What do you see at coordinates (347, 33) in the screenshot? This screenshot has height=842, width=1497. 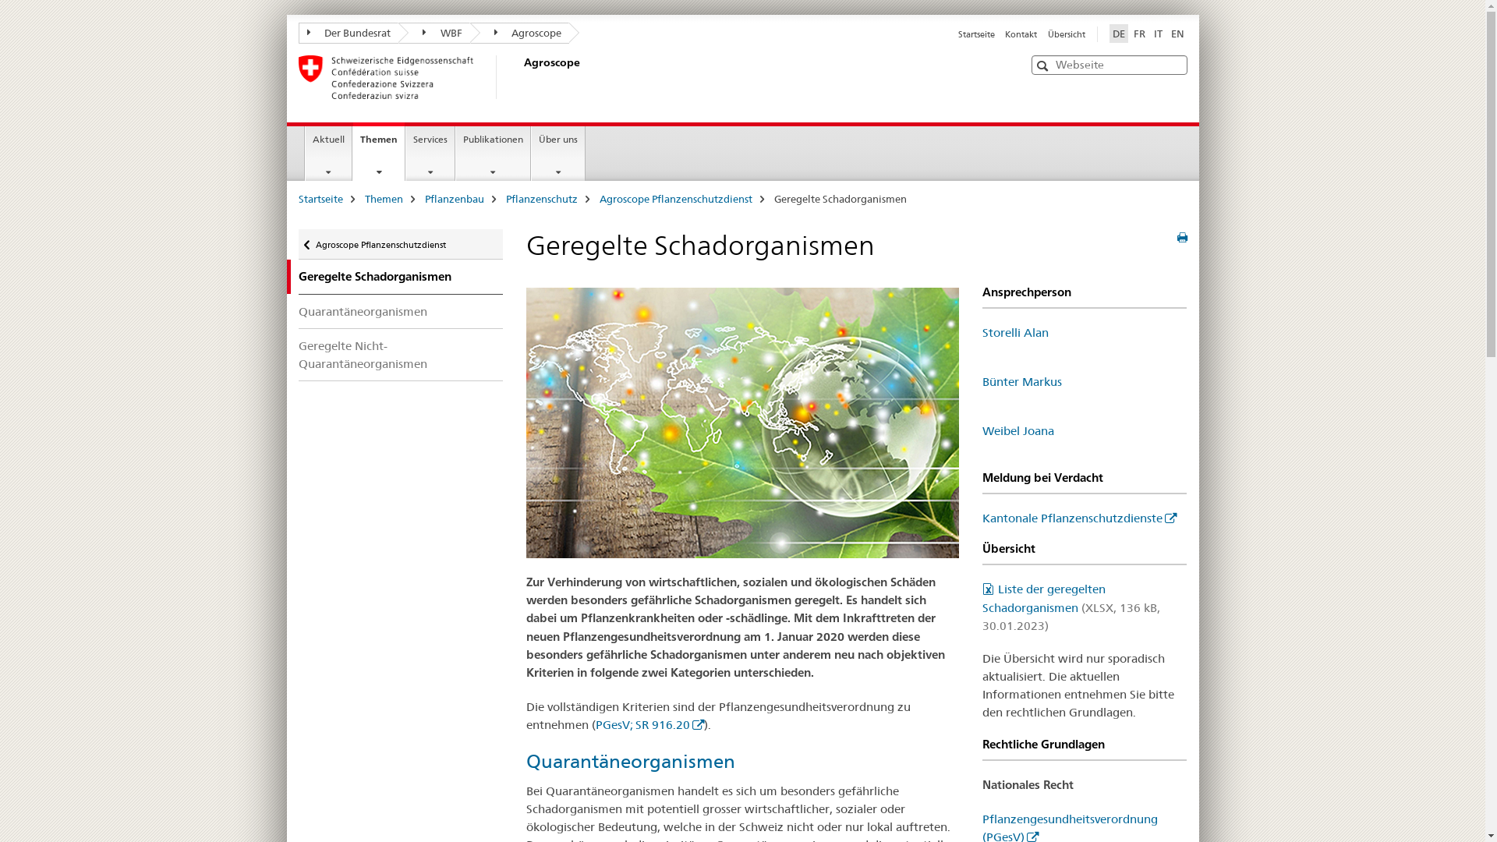 I see `'Der Bundesrat'` at bounding box center [347, 33].